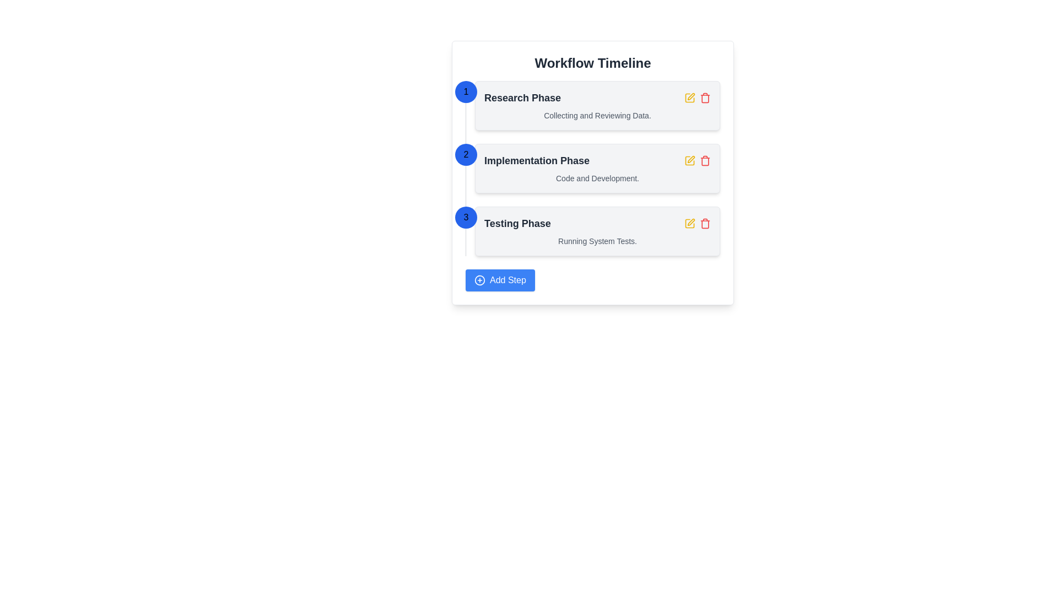  Describe the element at coordinates (466, 155) in the screenshot. I see `the step indicator badge marked with the number '2' in the workflow timeline, which is located to the immediate left of the 'Implementation Phase' section header` at that location.